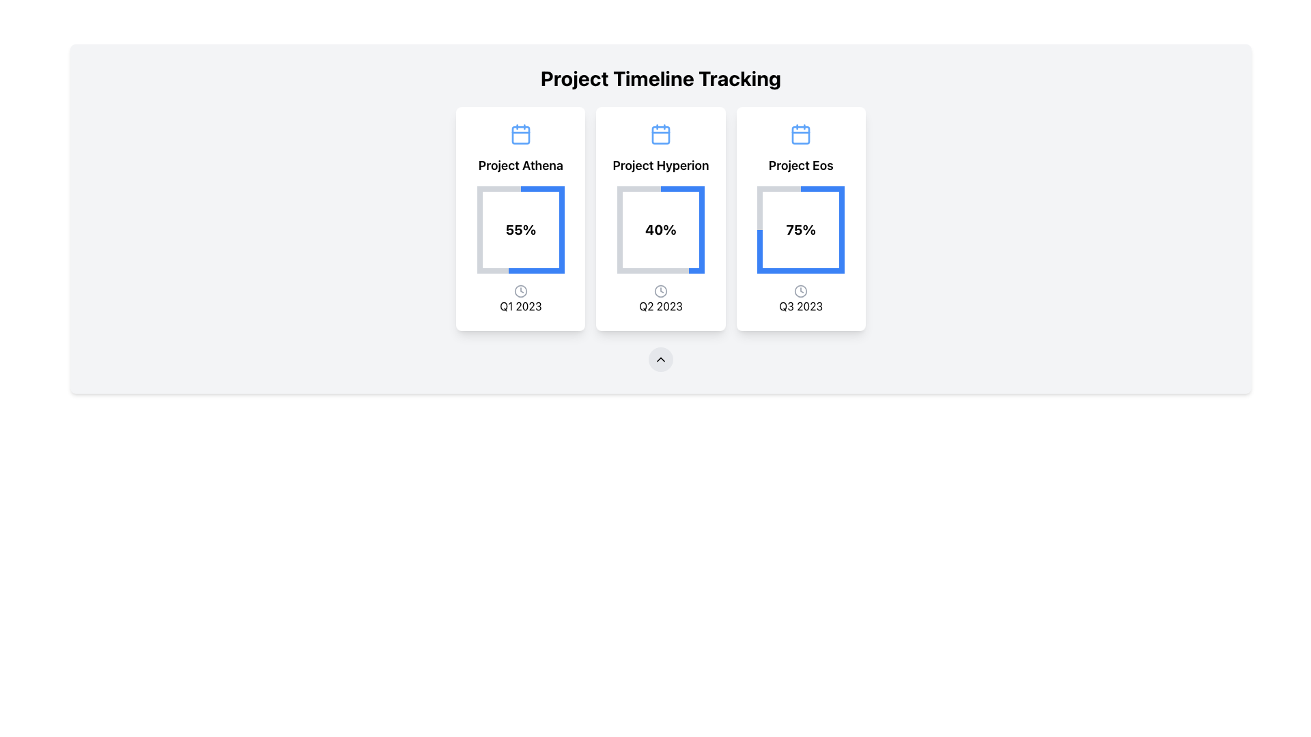  What do you see at coordinates (801, 134) in the screenshot?
I see `the stylized calendar icon located in the 'Project Eos' card, which is positioned in the rightmost column of a three-column layout, above the main title 'Project Eos'` at bounding box center [801, 134].